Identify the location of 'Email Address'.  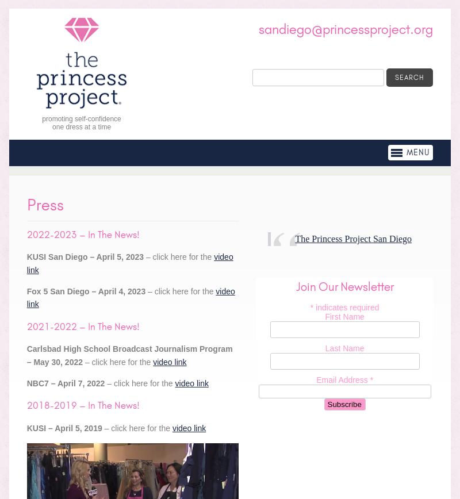
(316, 379).